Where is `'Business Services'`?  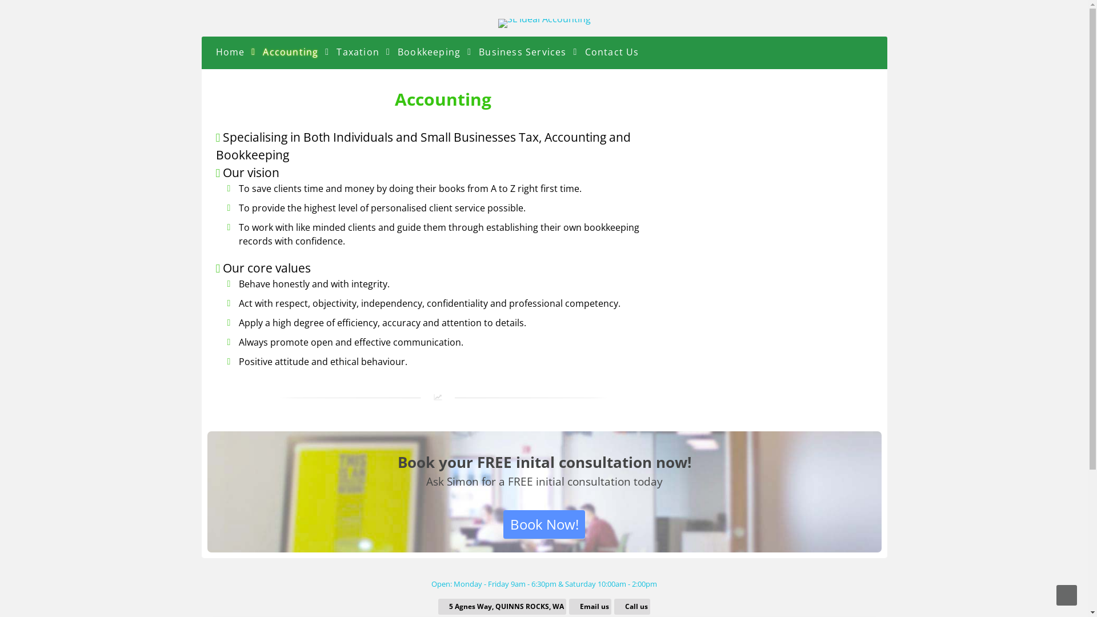 'Business Services' is located at coordinates (522, 50).